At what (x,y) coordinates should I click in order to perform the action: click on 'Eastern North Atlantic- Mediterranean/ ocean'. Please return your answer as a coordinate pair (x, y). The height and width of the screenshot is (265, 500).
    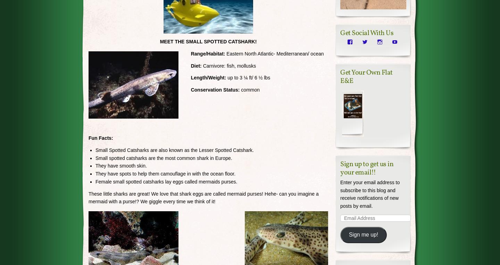
    Looking at the image, I should click on (225, 53).